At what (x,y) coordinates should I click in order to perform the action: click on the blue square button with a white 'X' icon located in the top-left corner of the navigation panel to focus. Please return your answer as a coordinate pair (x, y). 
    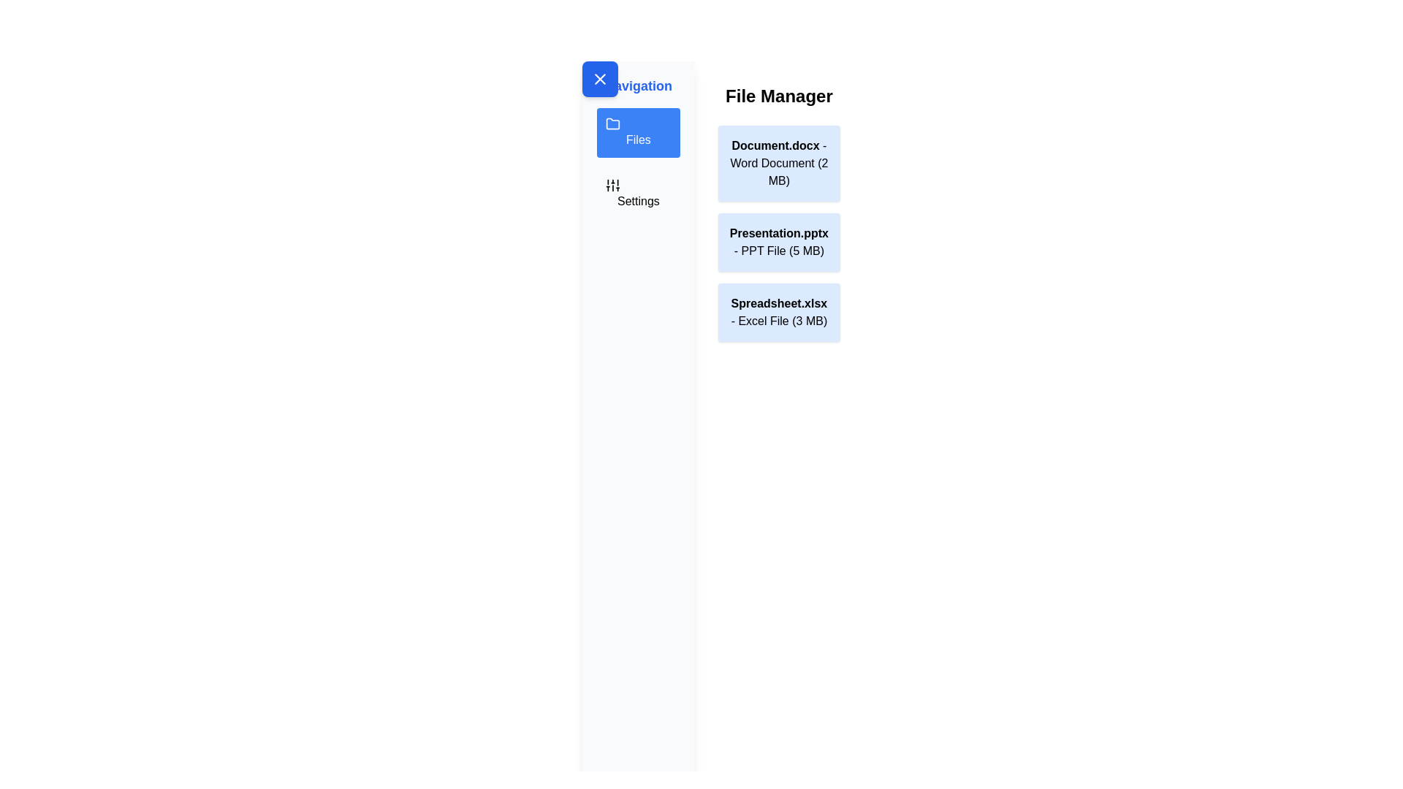
    Looking at the image, I should click on (600, 79).